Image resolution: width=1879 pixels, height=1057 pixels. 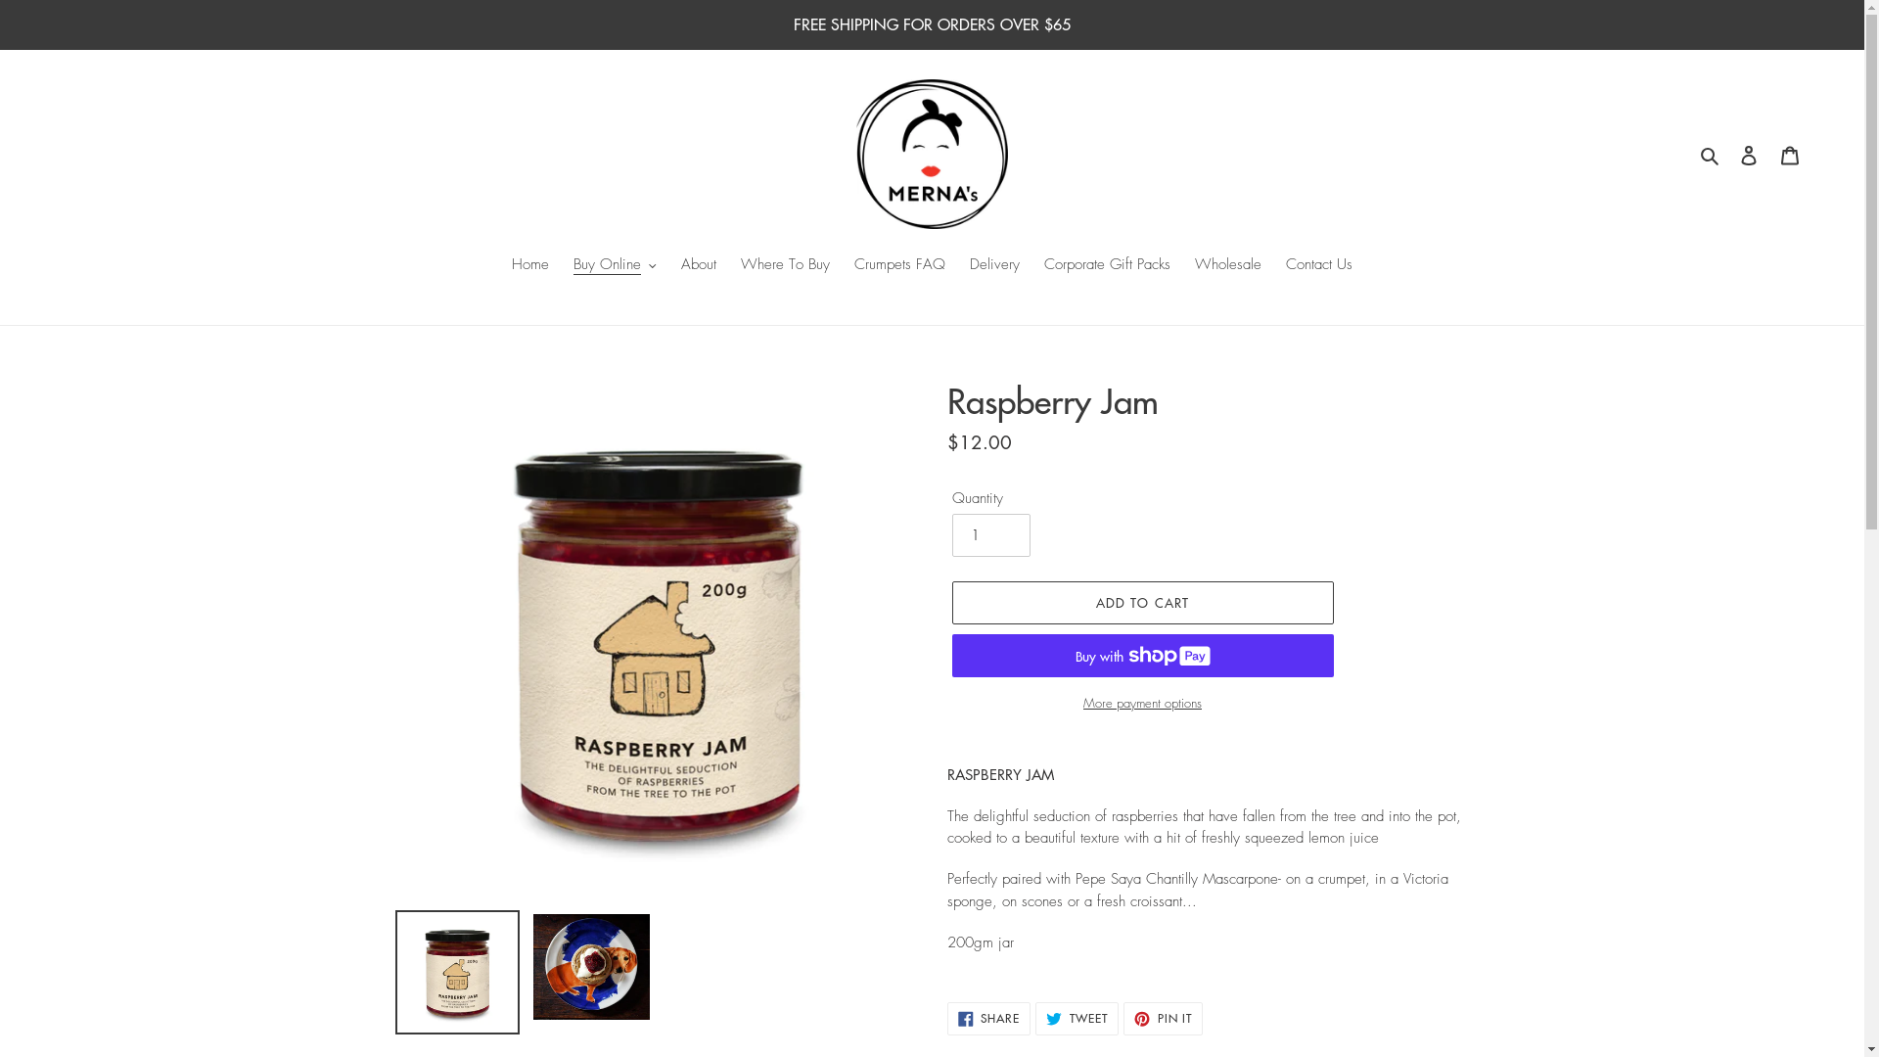 What do you see at coordinates (1033, 1018) in the screenshot?
I see `'TWEET` at bounding box center [1033, 1018].